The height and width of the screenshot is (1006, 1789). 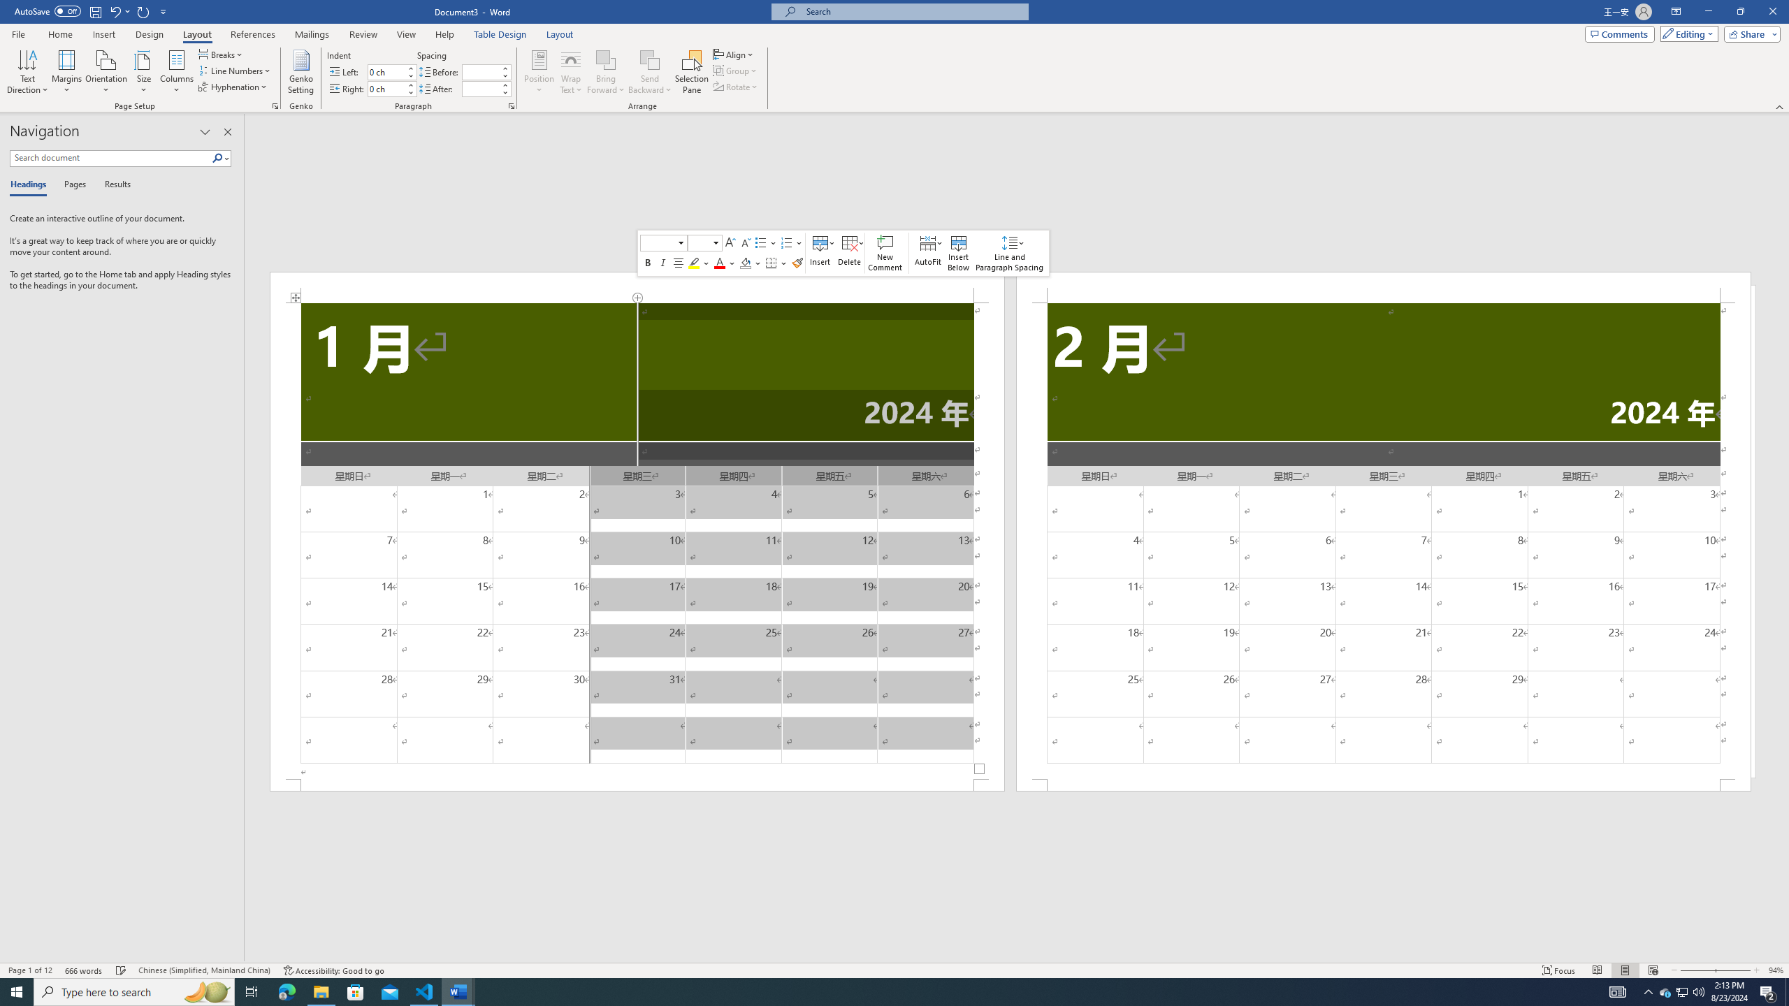 I want to click on 'Page 2 content', so click(x=1384, y=540).